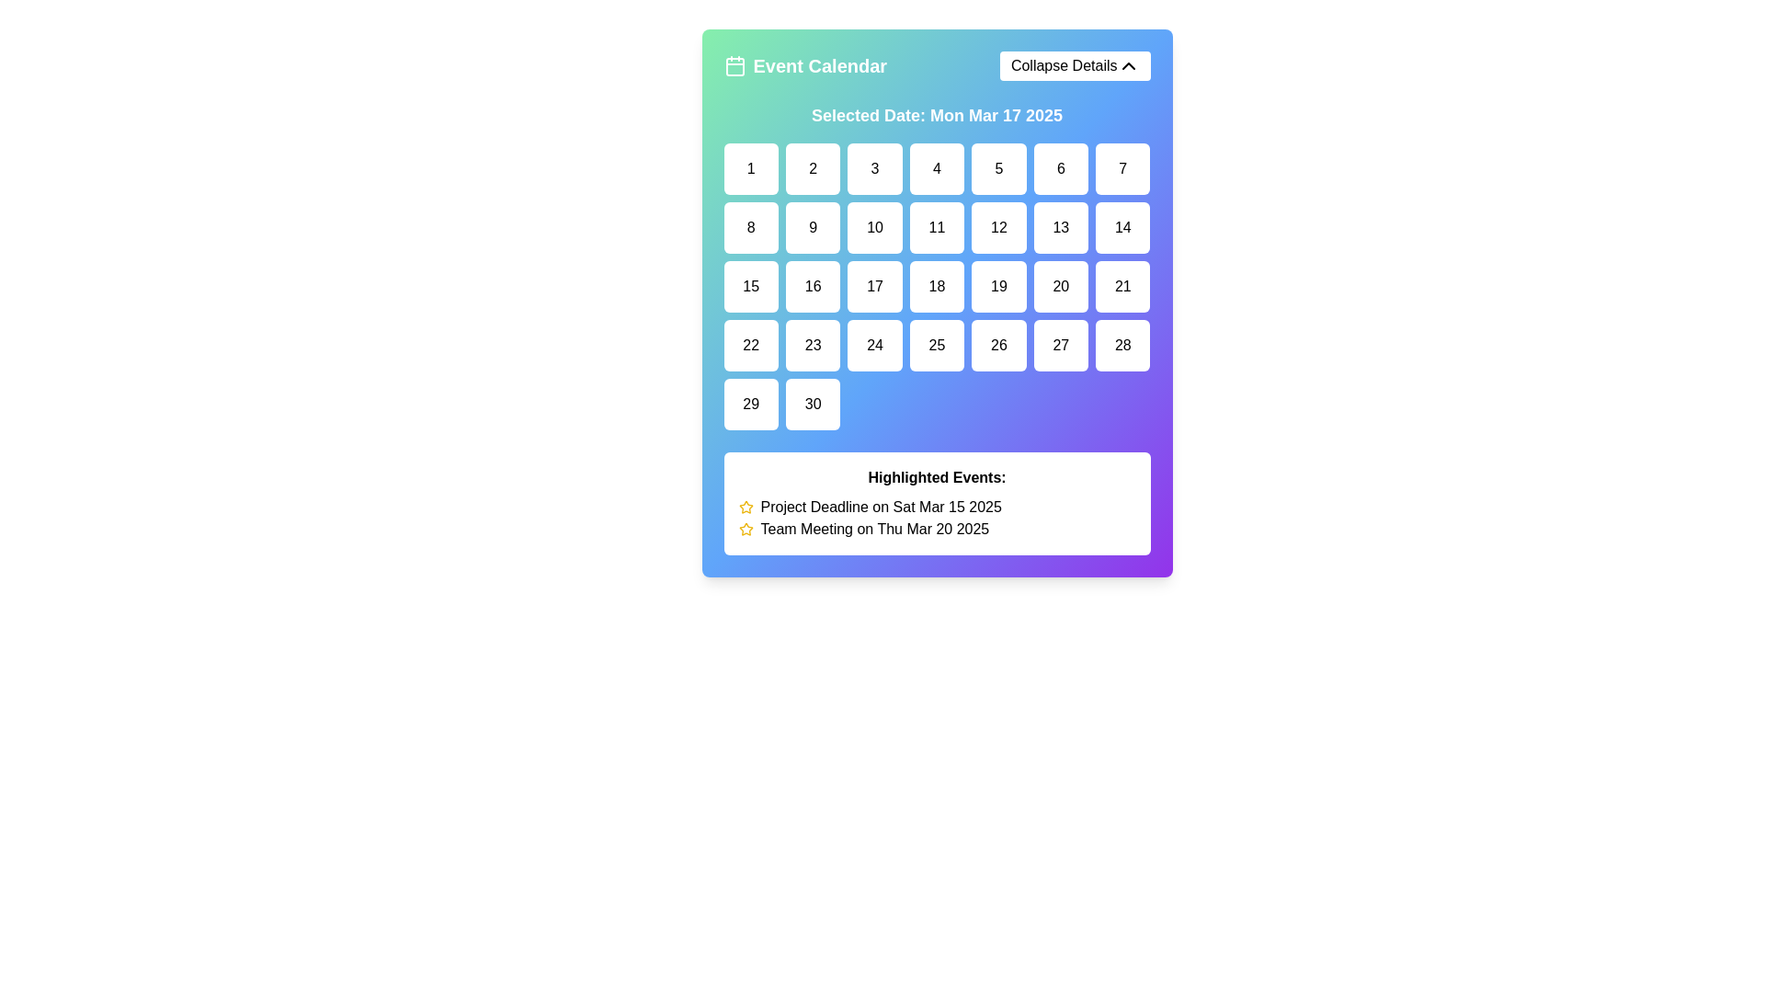 The image size is (1765, 993). Describe the element at coordinates (812, 345) in the screenshot. I see `the white rectangular button labeled '23' in the middle cell of the fourth row of a 7-column grid` at that location.